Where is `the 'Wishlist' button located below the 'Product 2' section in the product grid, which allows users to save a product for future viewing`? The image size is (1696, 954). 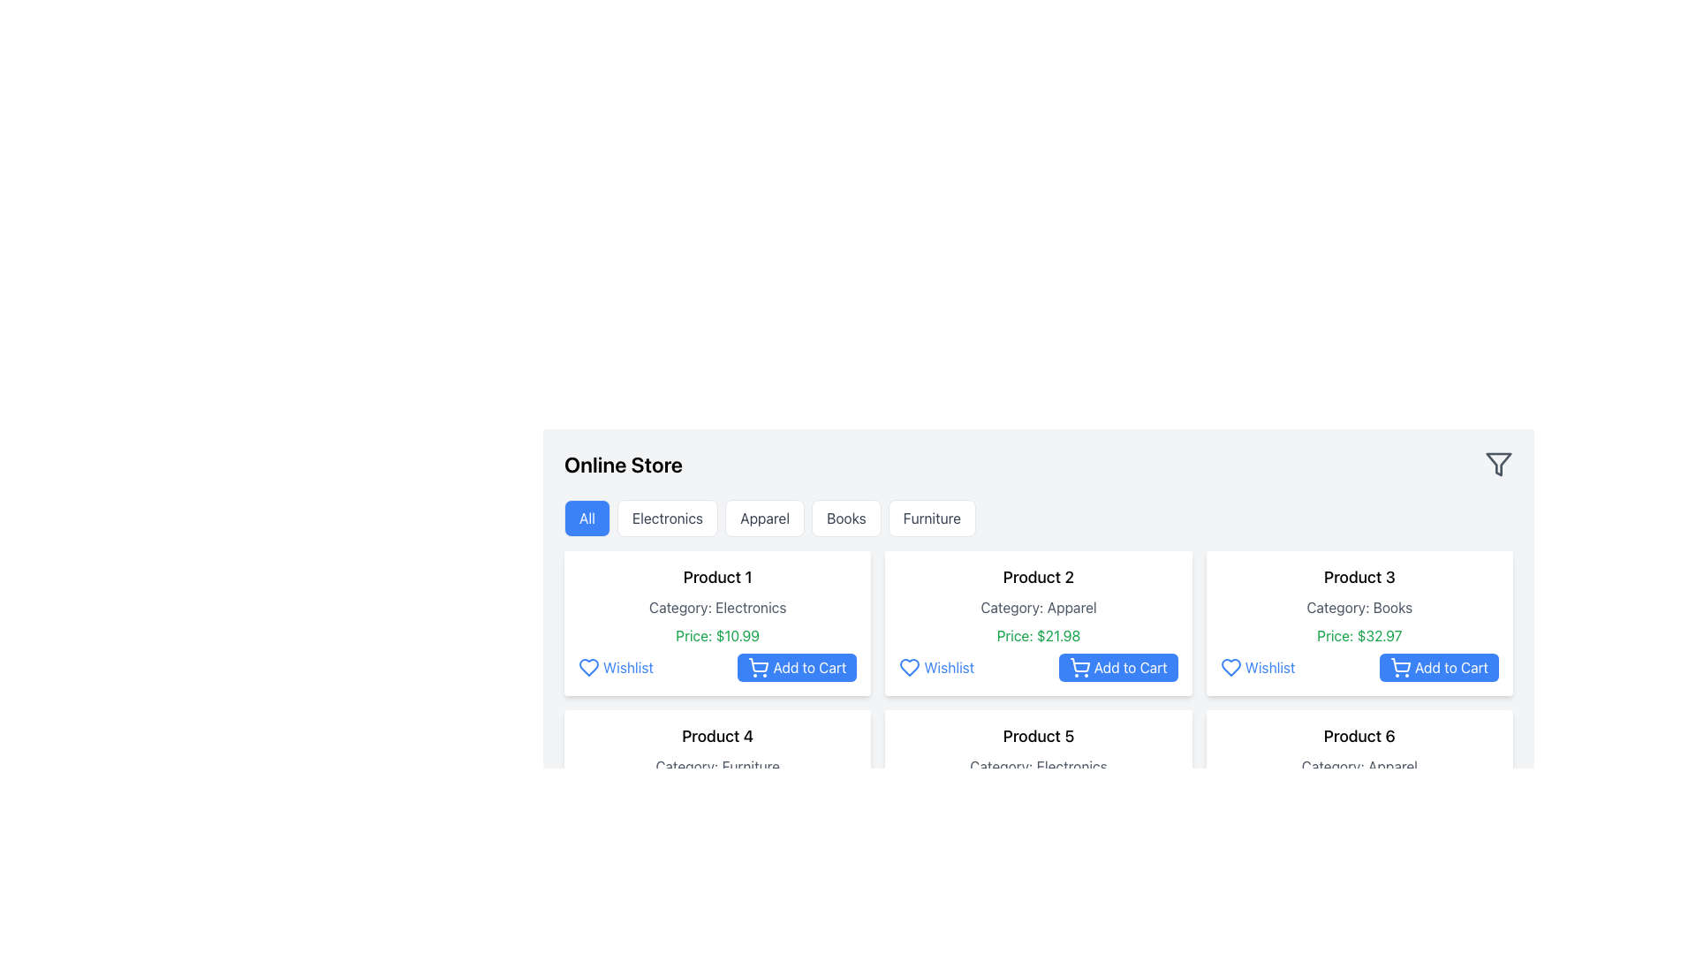 the 'Wishlist' button located below the 'Product 2' section in the product grid, which allows users to save a product for future viewing is located at coordinates (910, 668).